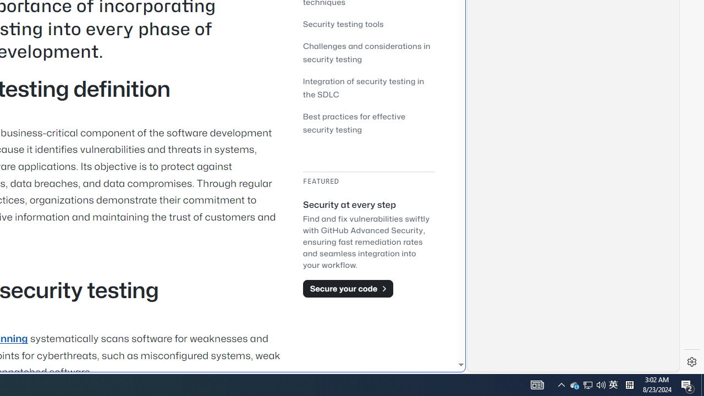  Describe the element at coordinates (369, 52) in the screenshot. I see `'Challenges and considerations in security testing'` at that location.